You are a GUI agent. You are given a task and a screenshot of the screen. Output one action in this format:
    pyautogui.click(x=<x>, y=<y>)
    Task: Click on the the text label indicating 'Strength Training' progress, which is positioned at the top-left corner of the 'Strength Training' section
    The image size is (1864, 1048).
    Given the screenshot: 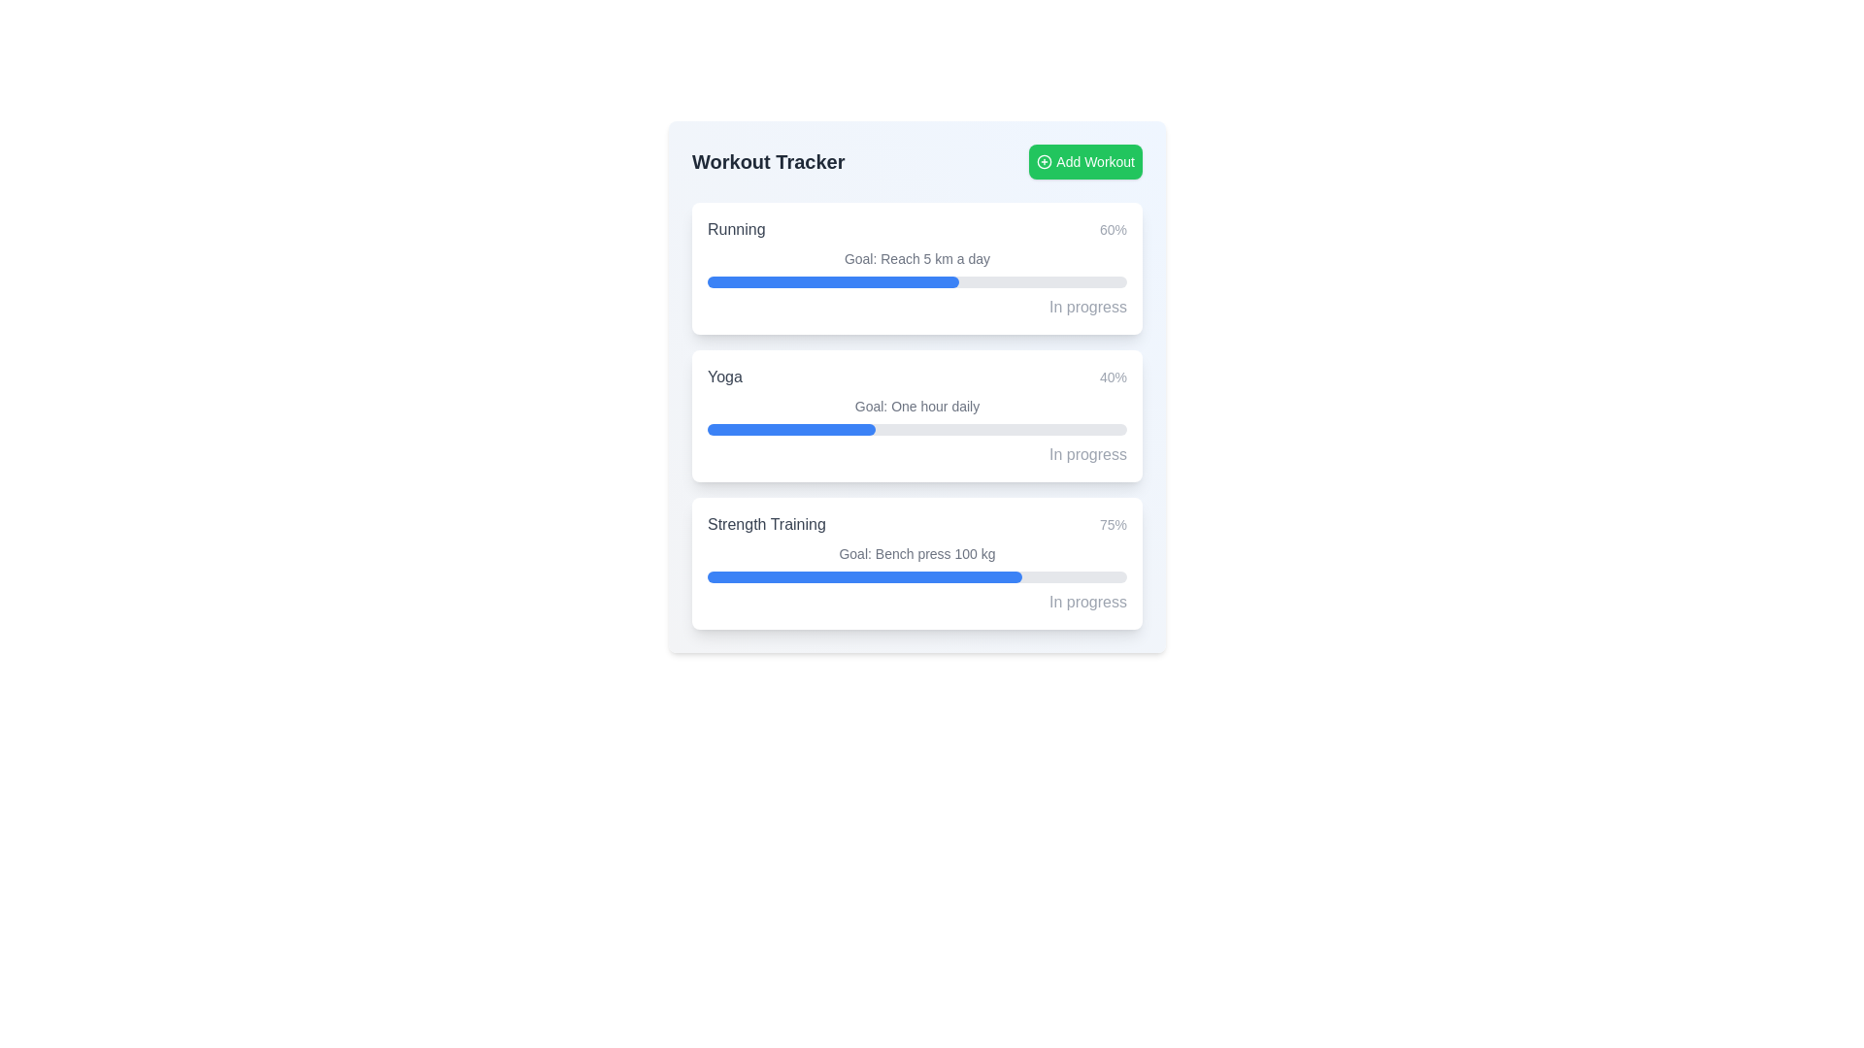 What is the action you would take?
    pyautogui.click(x=765, y=524)
    